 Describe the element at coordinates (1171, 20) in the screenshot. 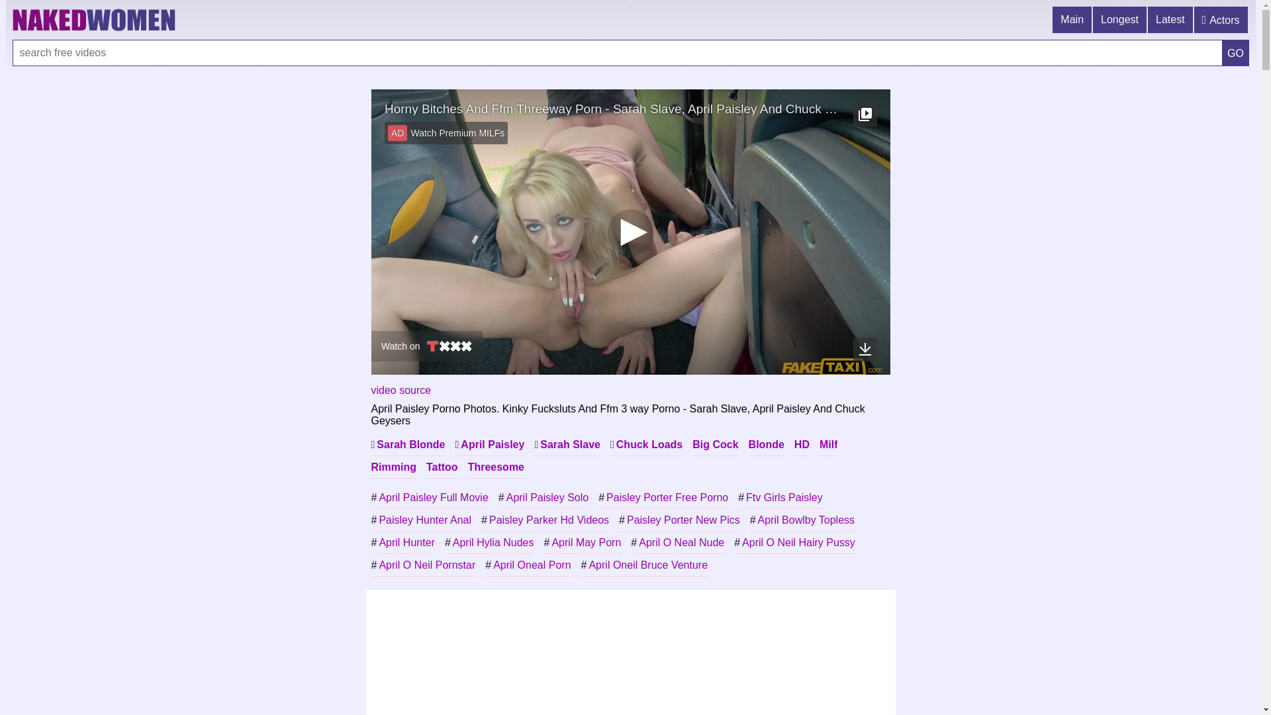

I see `'Latest'` at that location.